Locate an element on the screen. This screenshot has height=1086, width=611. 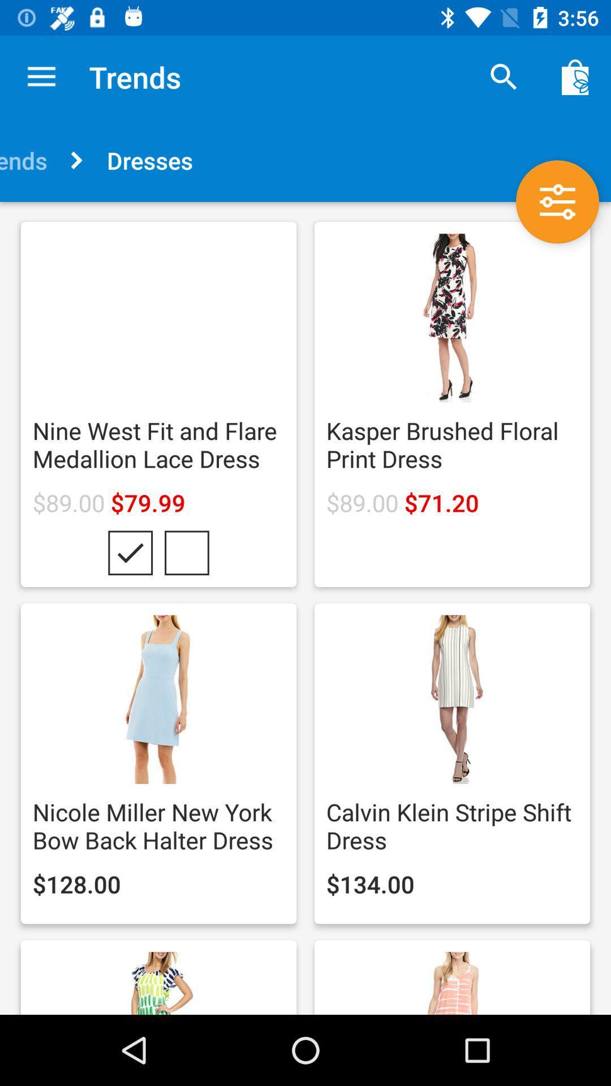
the sliders icon is located at coordinates (557, 201).